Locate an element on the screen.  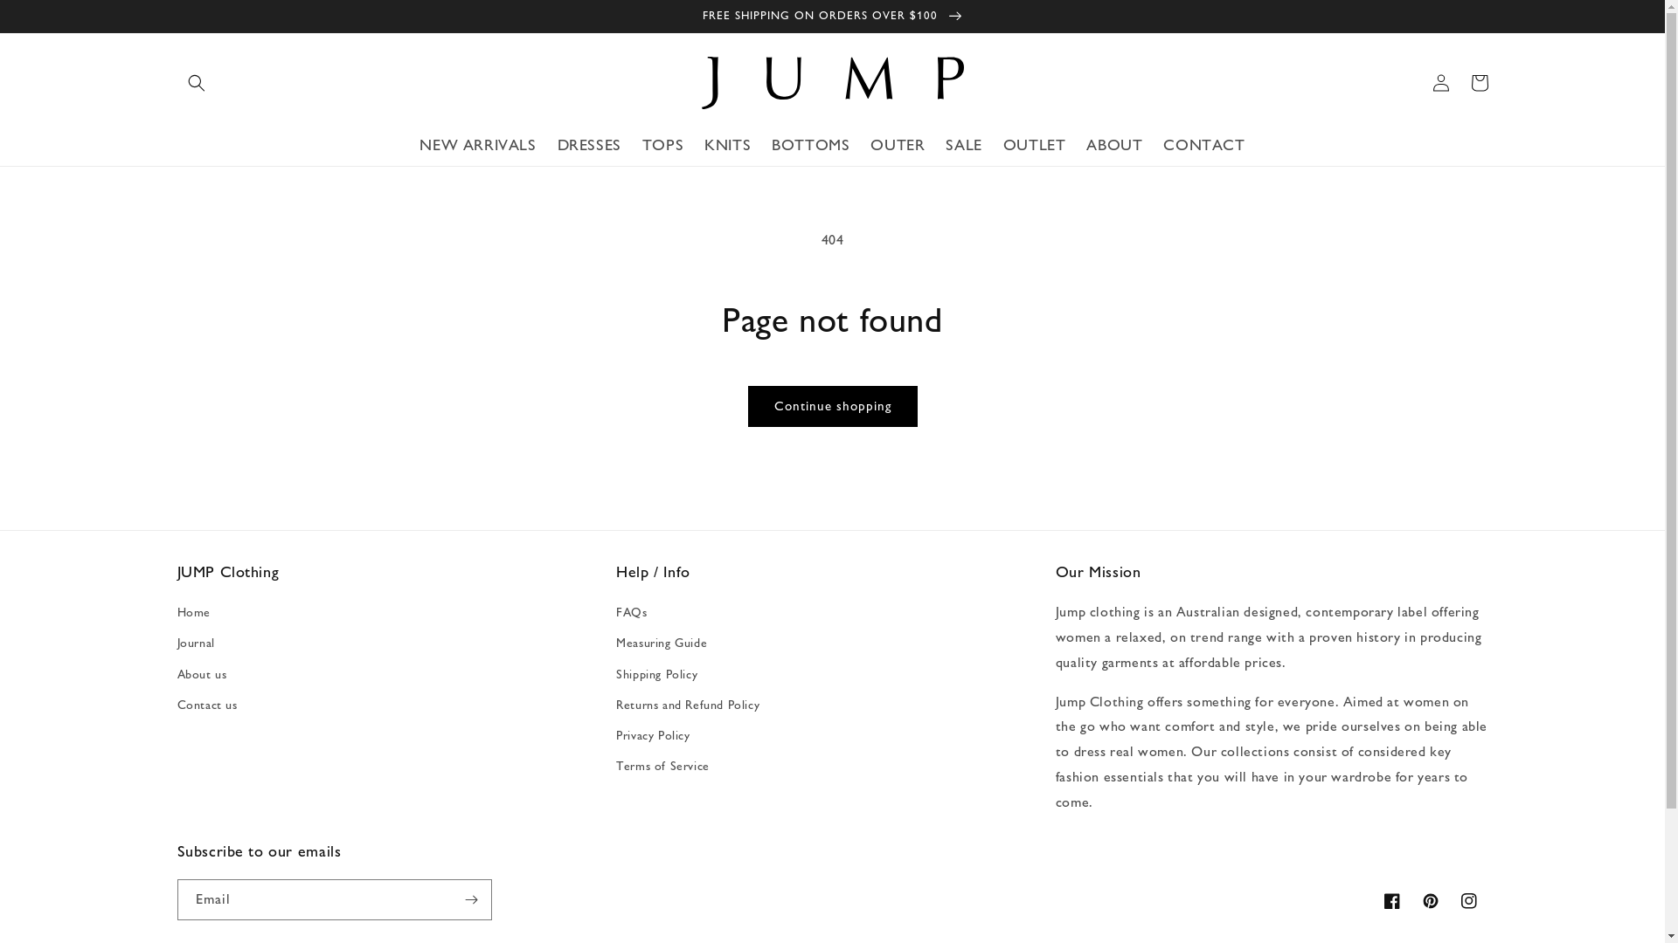
'BOTTOMS' is located at coordinates (760, 144).